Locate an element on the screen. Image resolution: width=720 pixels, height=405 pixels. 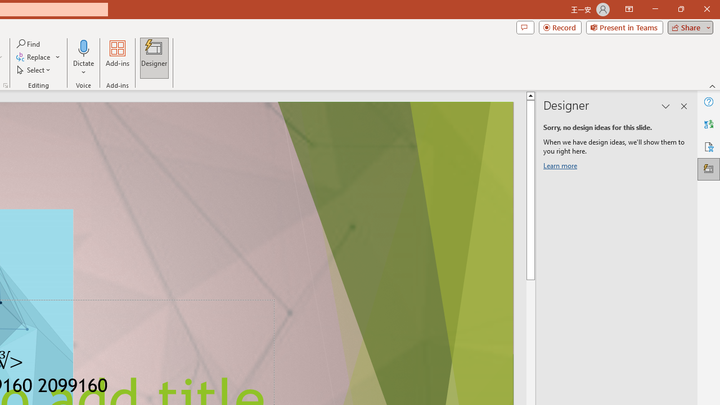
'Learn more' is located at coordinates (562, 168).